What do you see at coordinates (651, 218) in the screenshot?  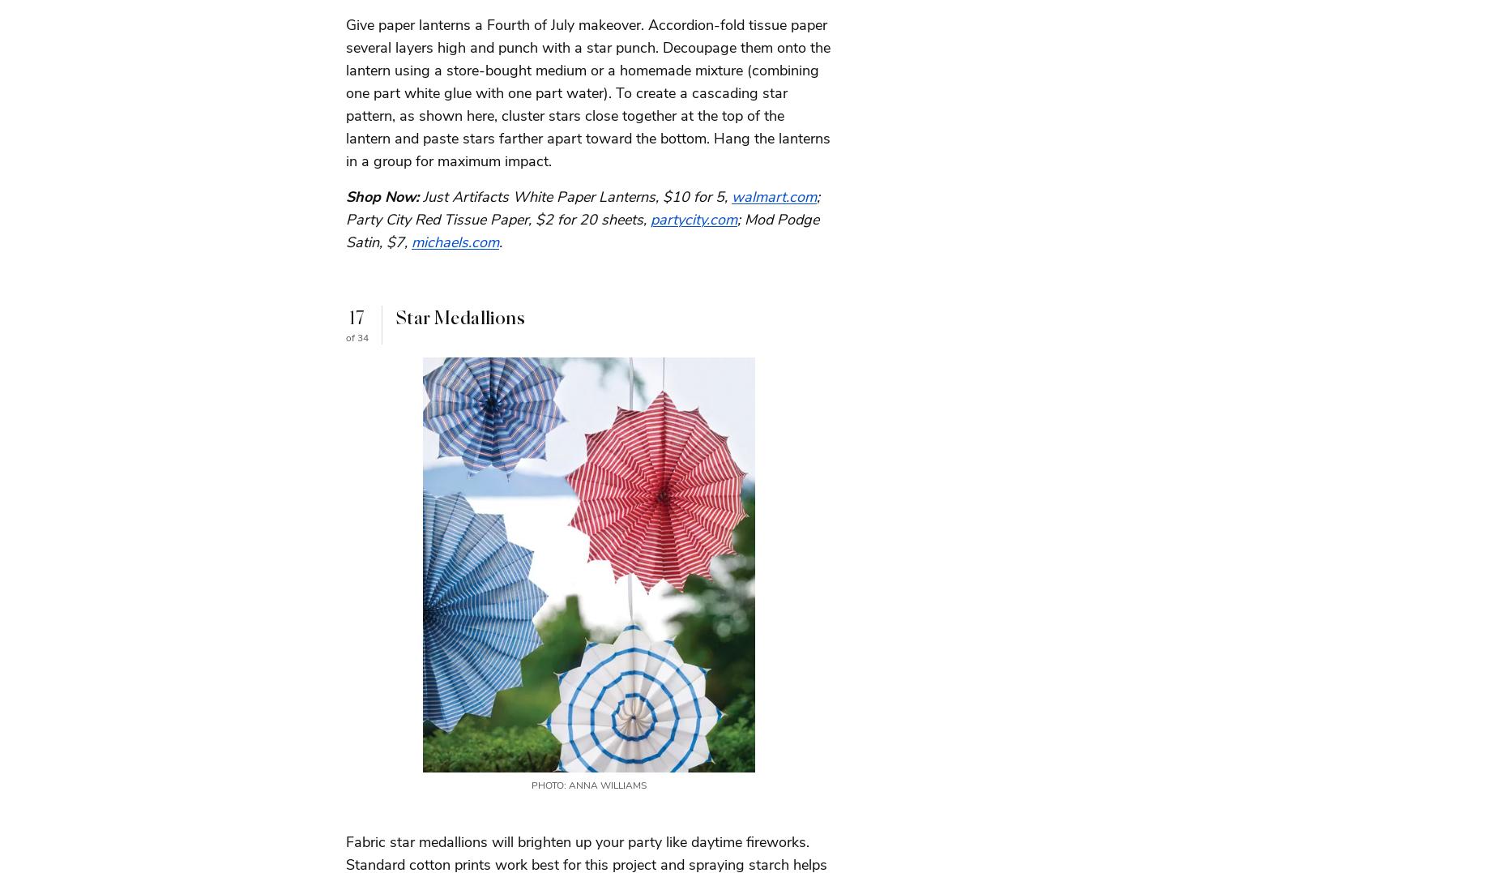 I see `'partycity.com'` at bounding box center [651, 218].